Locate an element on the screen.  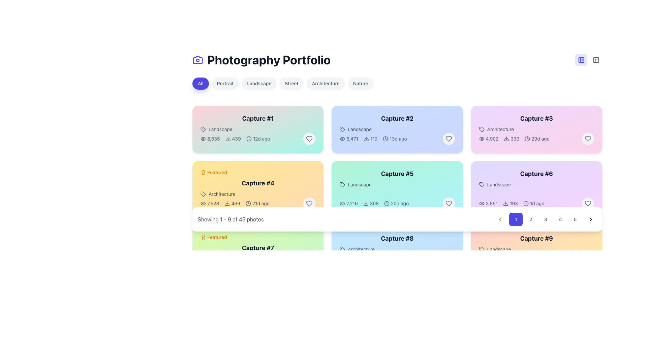
the download icon next to the '193' download count in the 'Capture #6' card is located at coordinates (506, 203).